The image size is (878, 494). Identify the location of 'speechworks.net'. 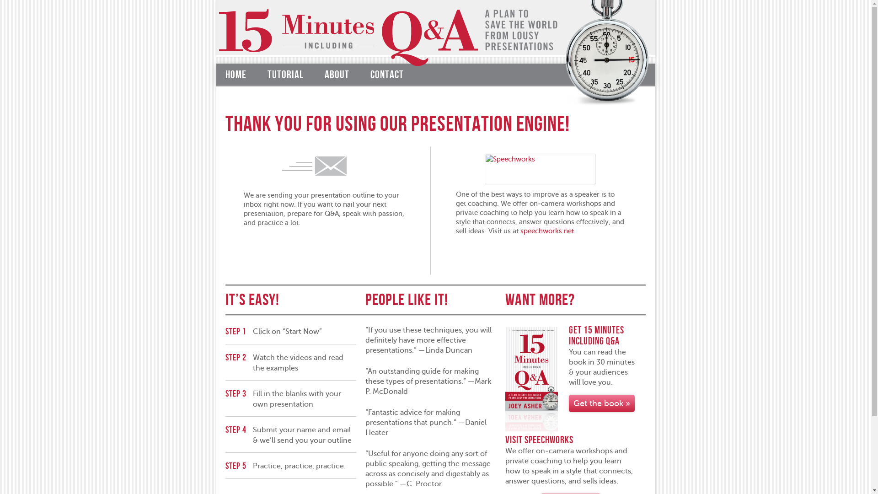
(547, 231).